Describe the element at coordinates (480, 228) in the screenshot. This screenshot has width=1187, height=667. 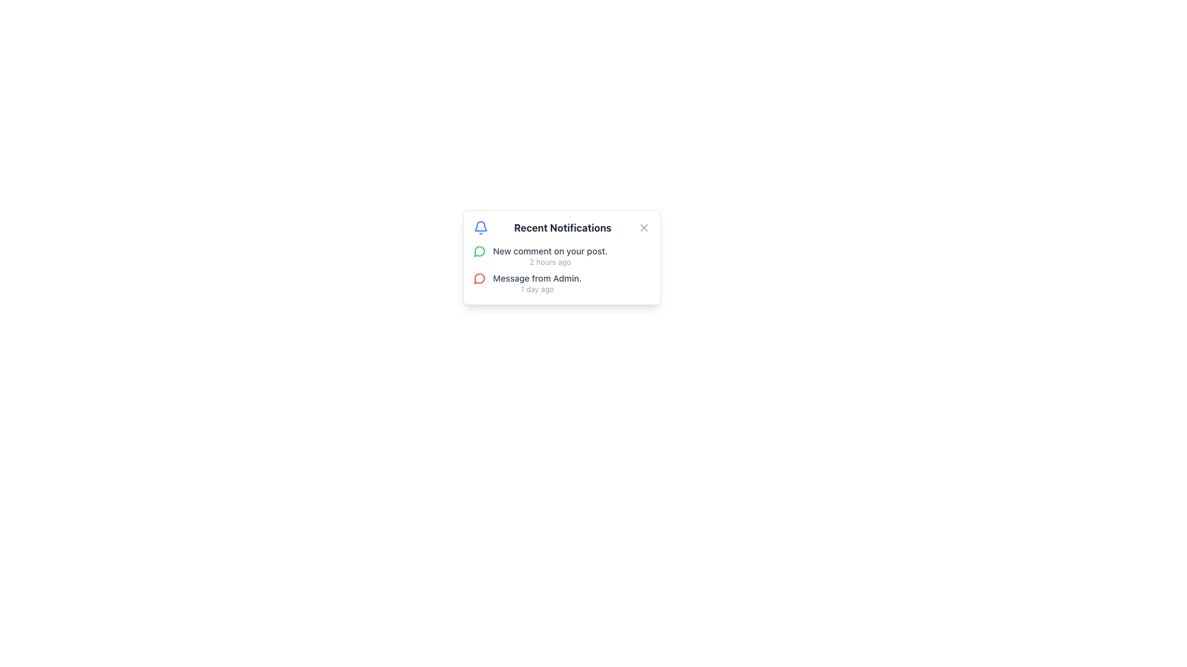
I see `the bell icon representing notifications, which is located to the left of the title text 'Recent Notifications'` at that location.